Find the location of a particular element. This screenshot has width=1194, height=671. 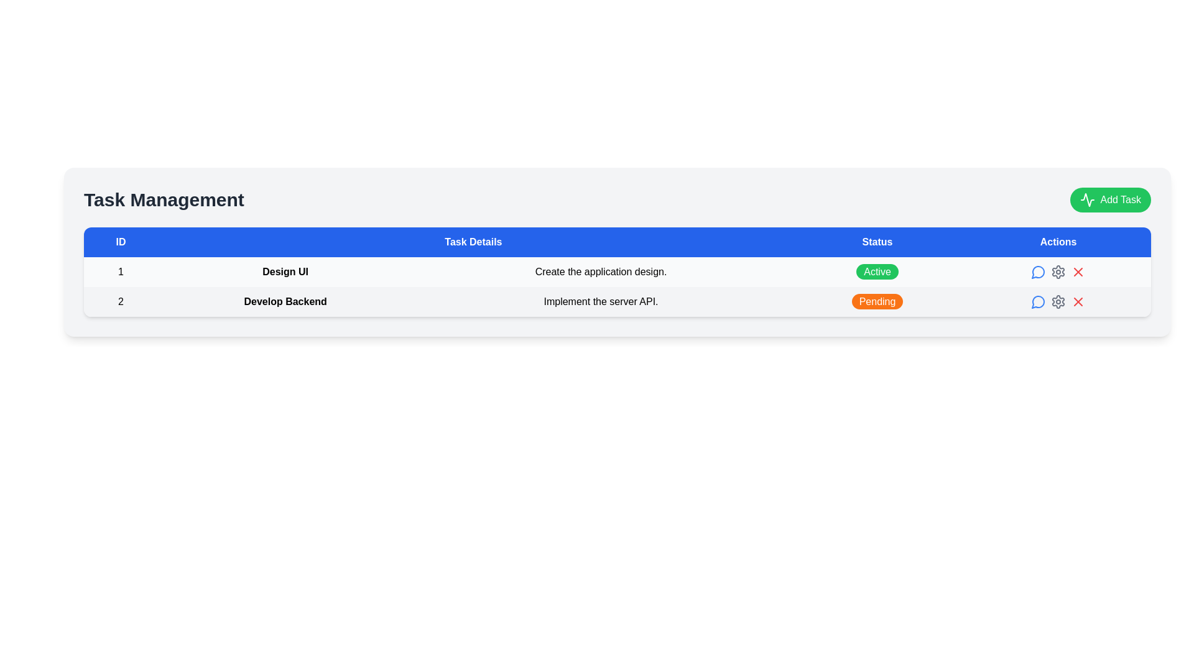

the Status badge, which is the first status indicator in the Status column of the task details table, displaying the current state of a task (Active) is located at coordinates (877, 271).